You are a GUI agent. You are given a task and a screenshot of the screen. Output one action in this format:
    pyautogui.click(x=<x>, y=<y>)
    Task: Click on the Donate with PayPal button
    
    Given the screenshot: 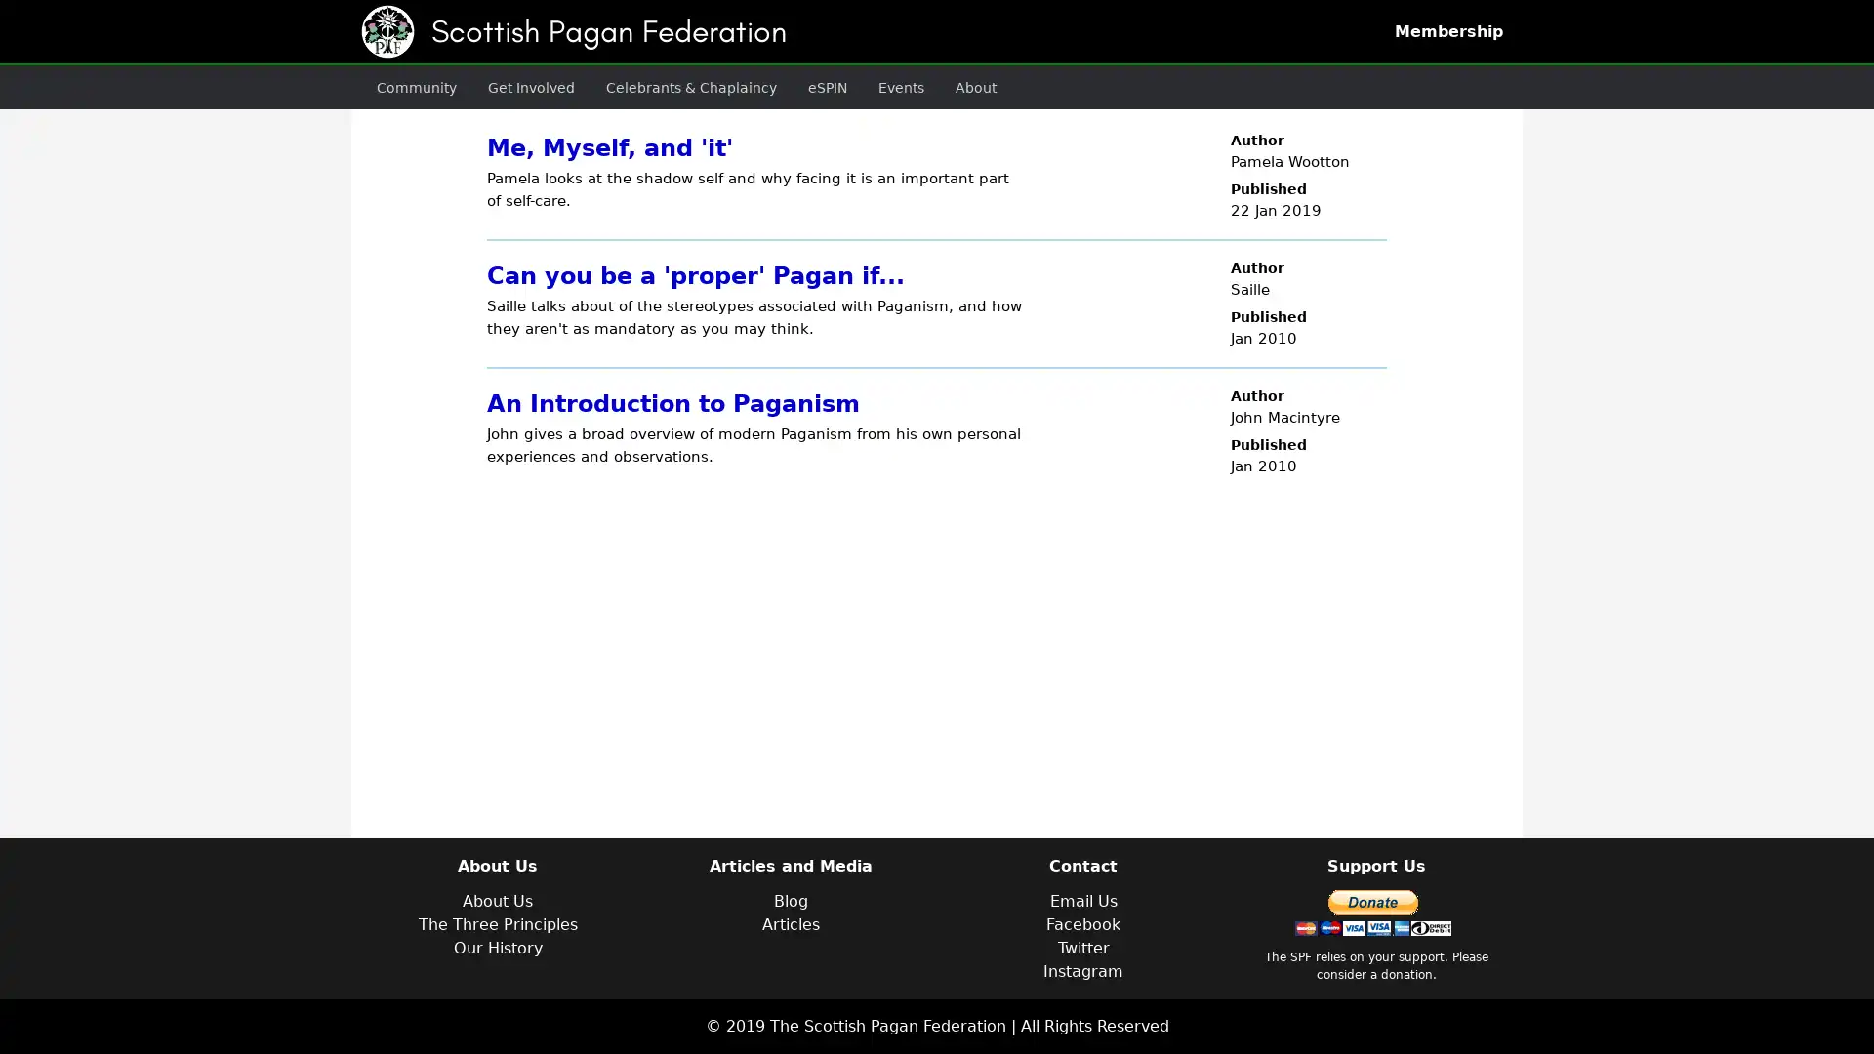 What is the action you would take?
    pyautogui.click(x=1371, y=912)
    